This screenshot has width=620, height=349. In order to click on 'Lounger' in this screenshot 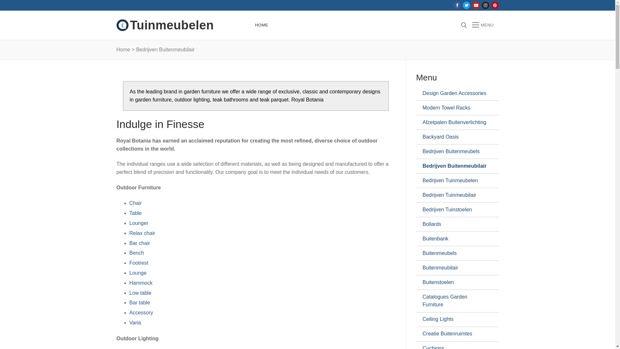, I will do `click(129, 223)`.